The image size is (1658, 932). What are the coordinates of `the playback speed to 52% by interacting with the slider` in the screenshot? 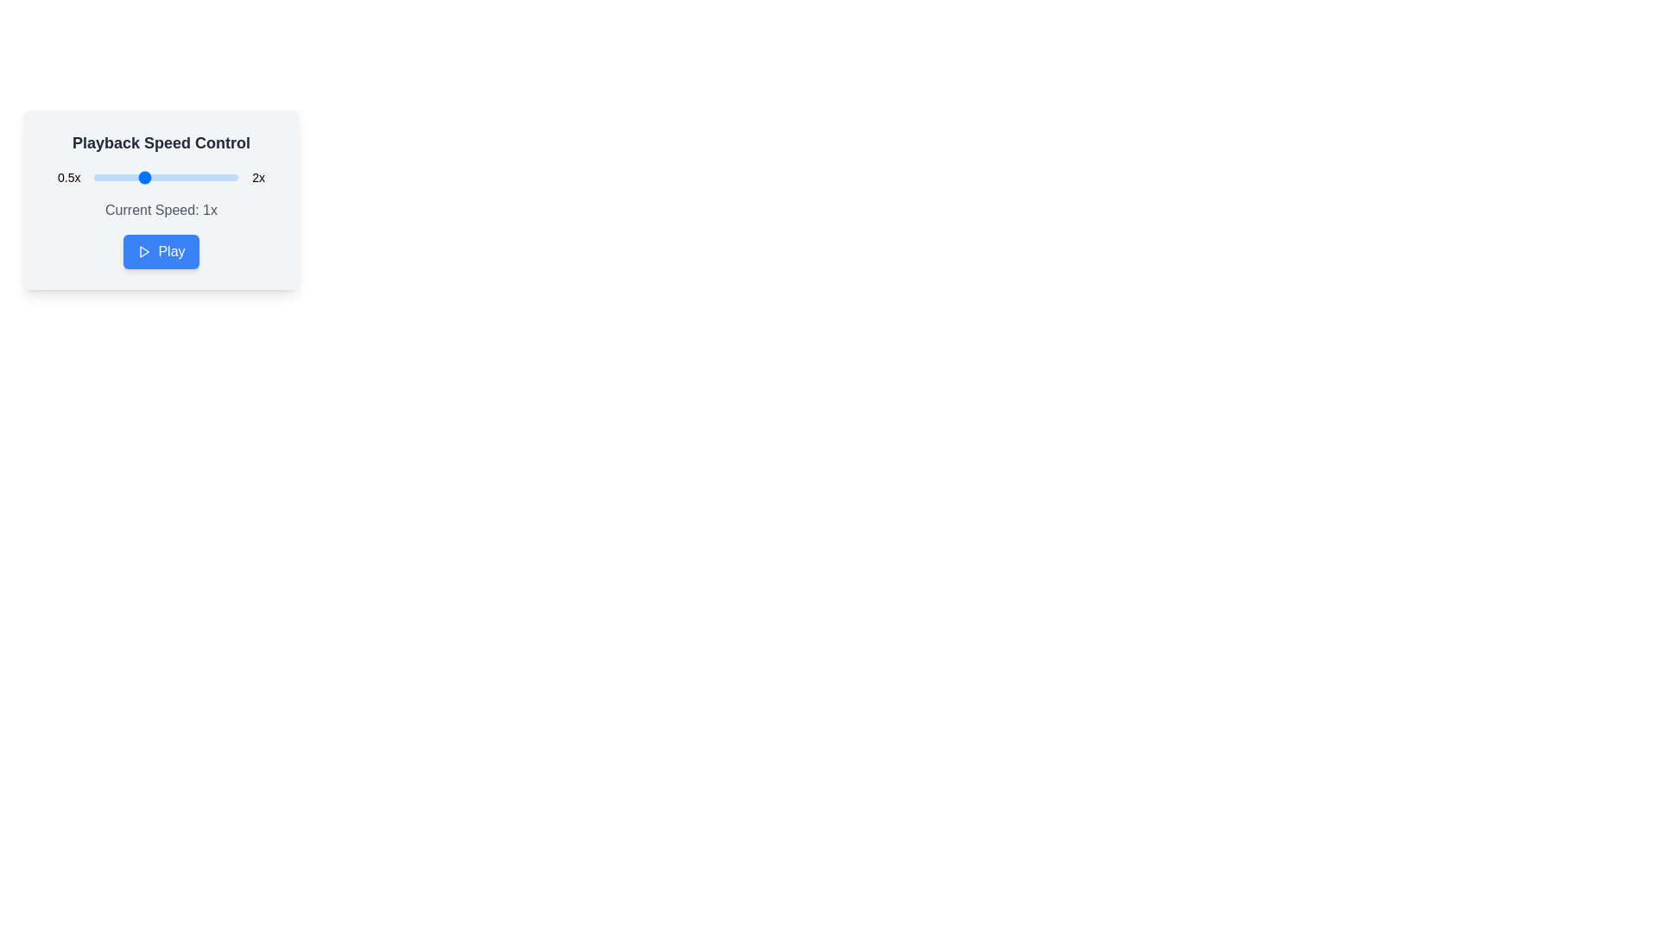 It's located at (95, 177).